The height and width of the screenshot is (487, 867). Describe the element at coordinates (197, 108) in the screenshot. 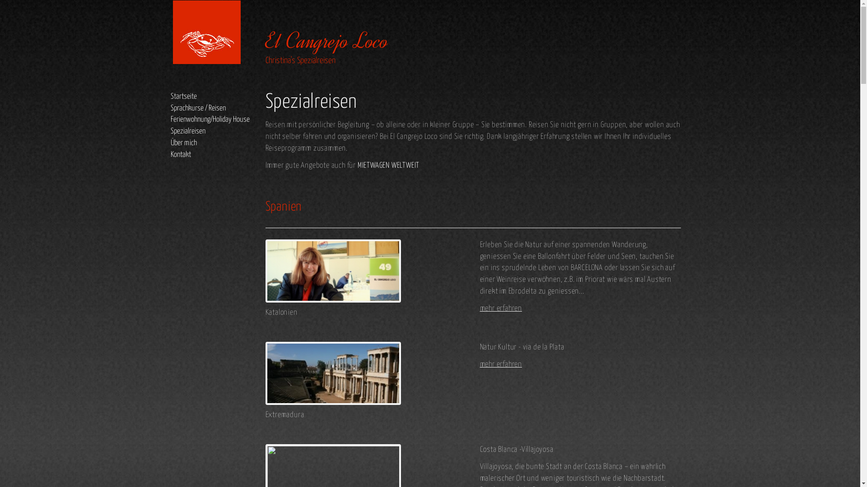

I see `'Sprachkurse / Reisen'` at that location.